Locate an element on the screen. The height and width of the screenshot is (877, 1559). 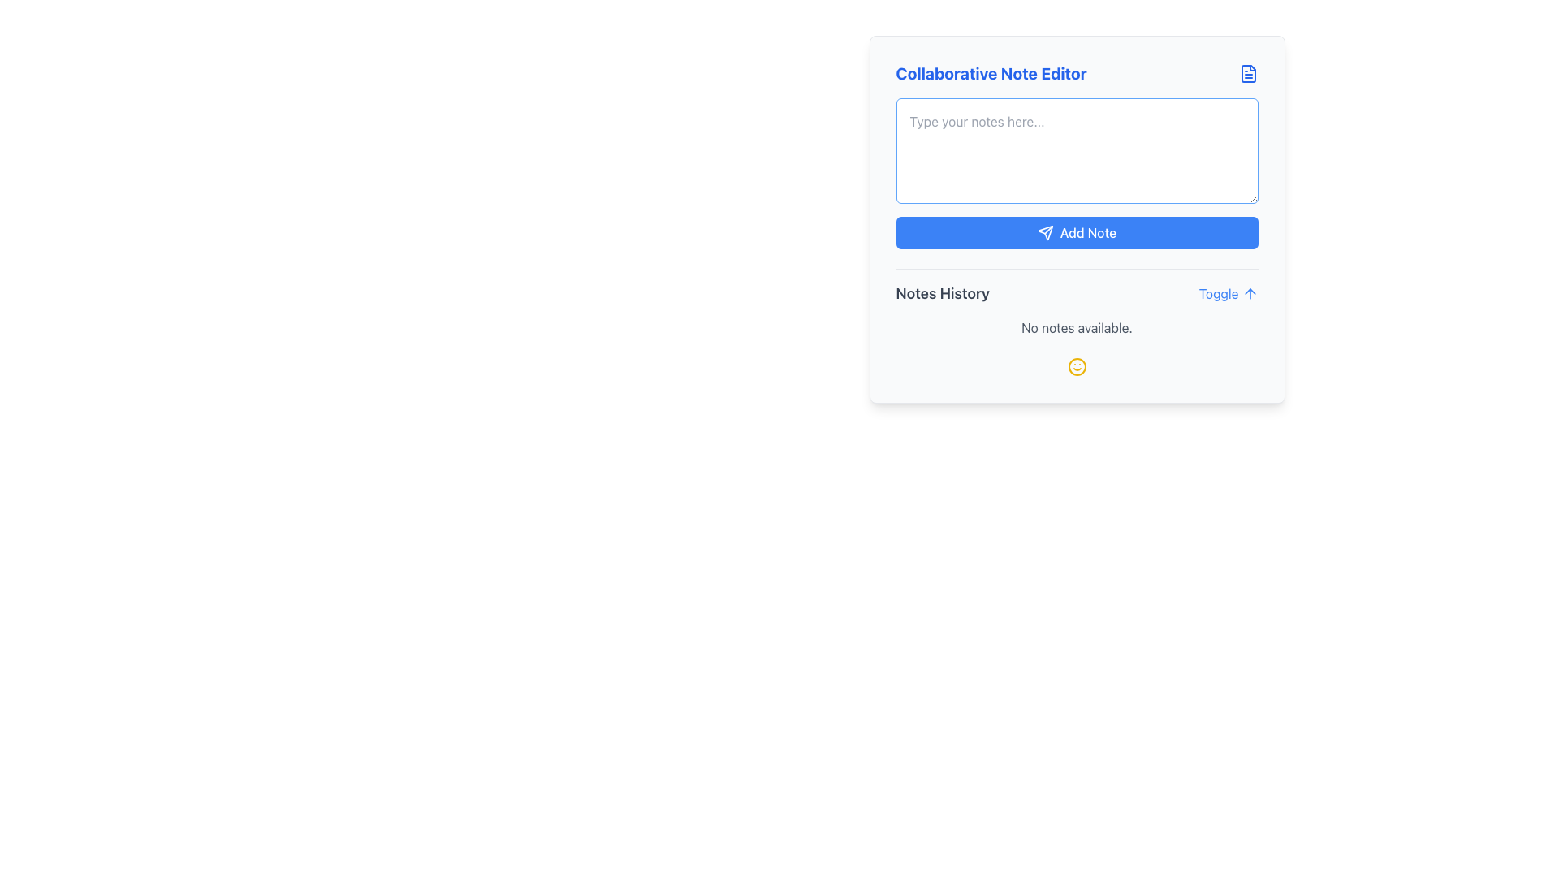
the SVG icon located inside the 'Add Note' button, which enhances the button's recognizability and suggests an action related to sending or submitting is located at coordinates (1045, 232).